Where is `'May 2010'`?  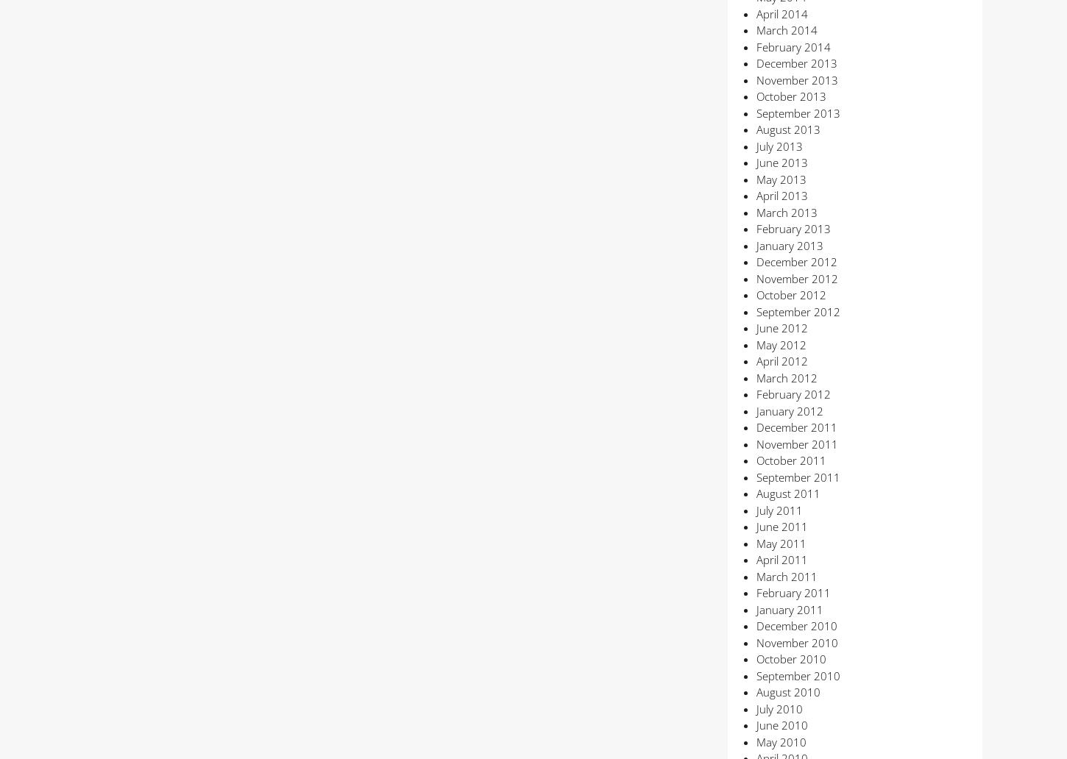 'May 2010' is located at coordinates (756, 740).